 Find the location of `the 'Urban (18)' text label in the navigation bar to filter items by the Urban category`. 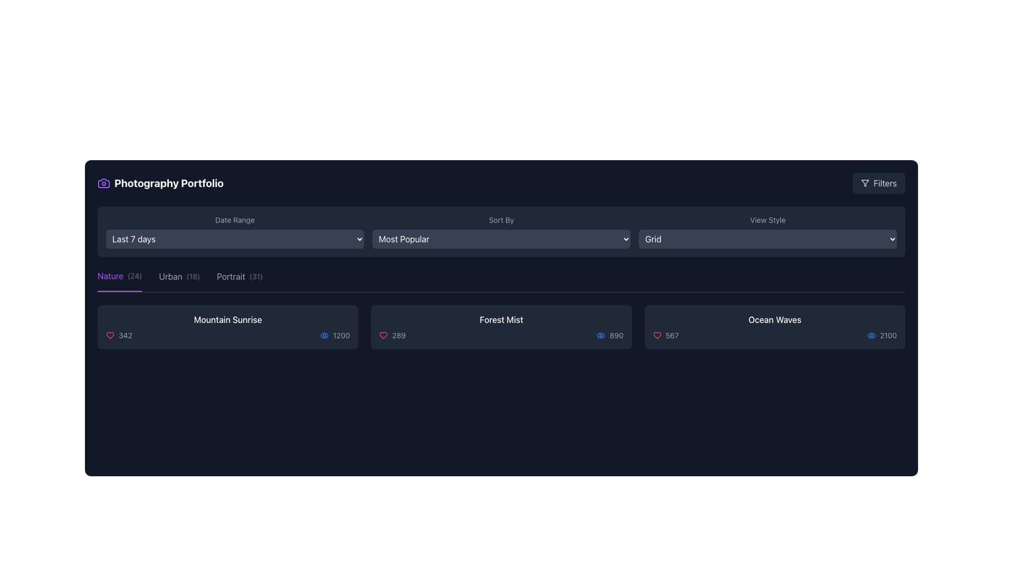

the 'Urban (18)' text label in the navigation bar to filter items by the Urban category is located at coordinates (179, 276).